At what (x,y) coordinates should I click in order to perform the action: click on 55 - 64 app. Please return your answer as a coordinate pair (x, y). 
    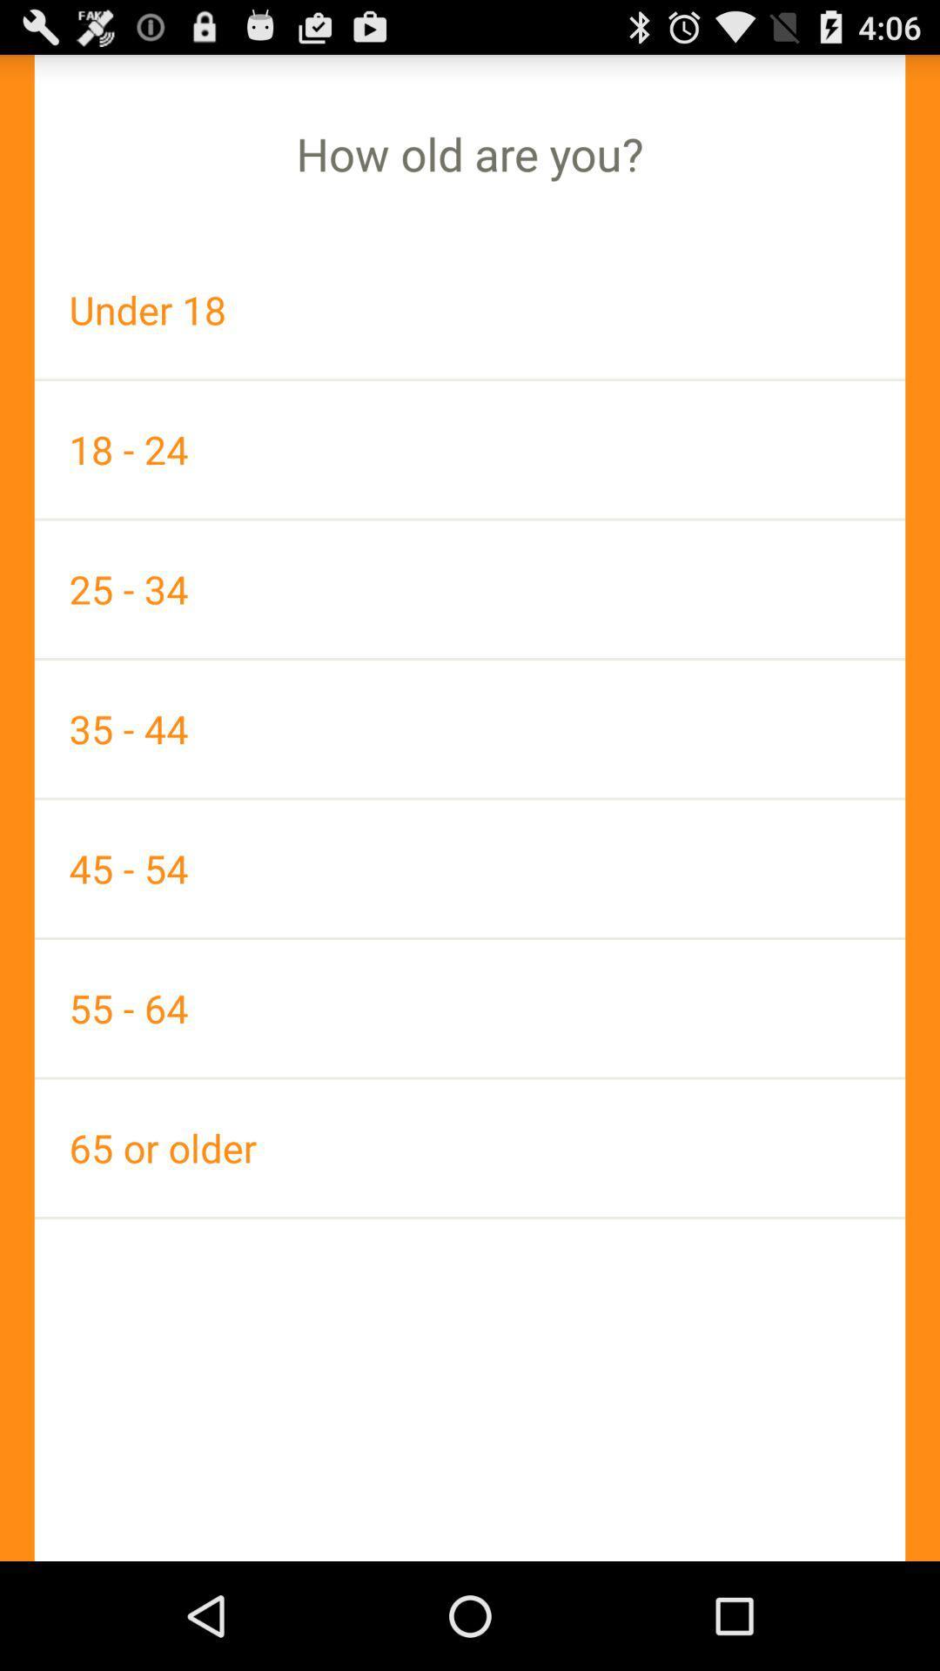
    Looking at the image, I should click on (470, 1008).